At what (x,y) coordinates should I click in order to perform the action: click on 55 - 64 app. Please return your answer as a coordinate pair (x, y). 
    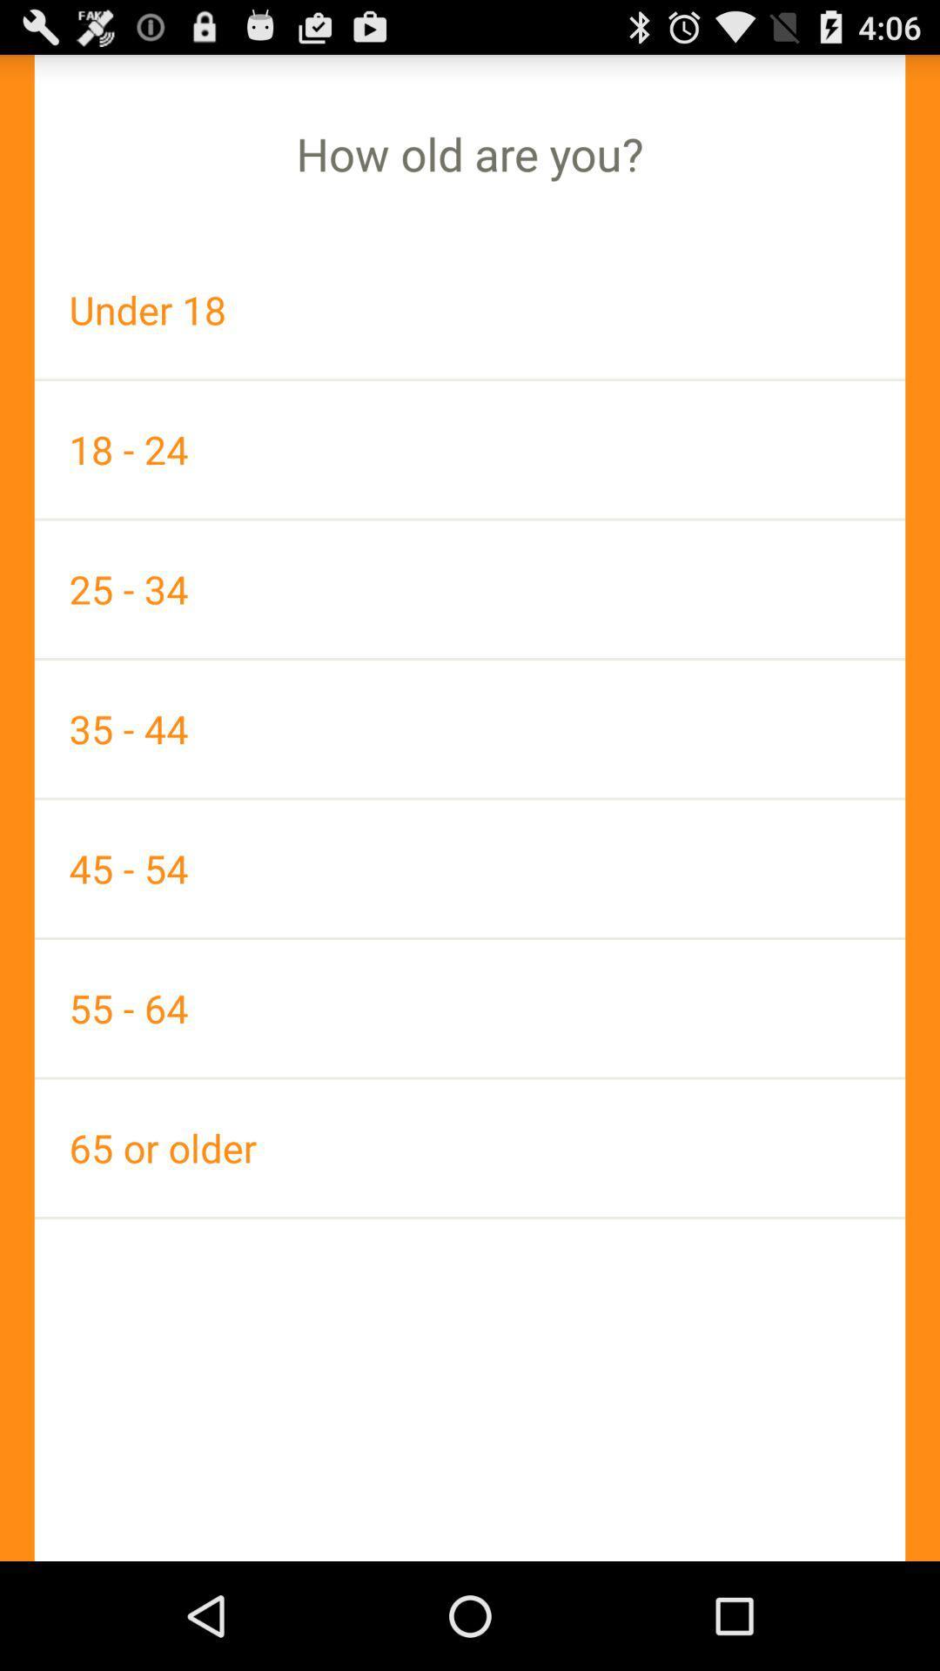
    Looking at the image, I should click on (470, 1008).